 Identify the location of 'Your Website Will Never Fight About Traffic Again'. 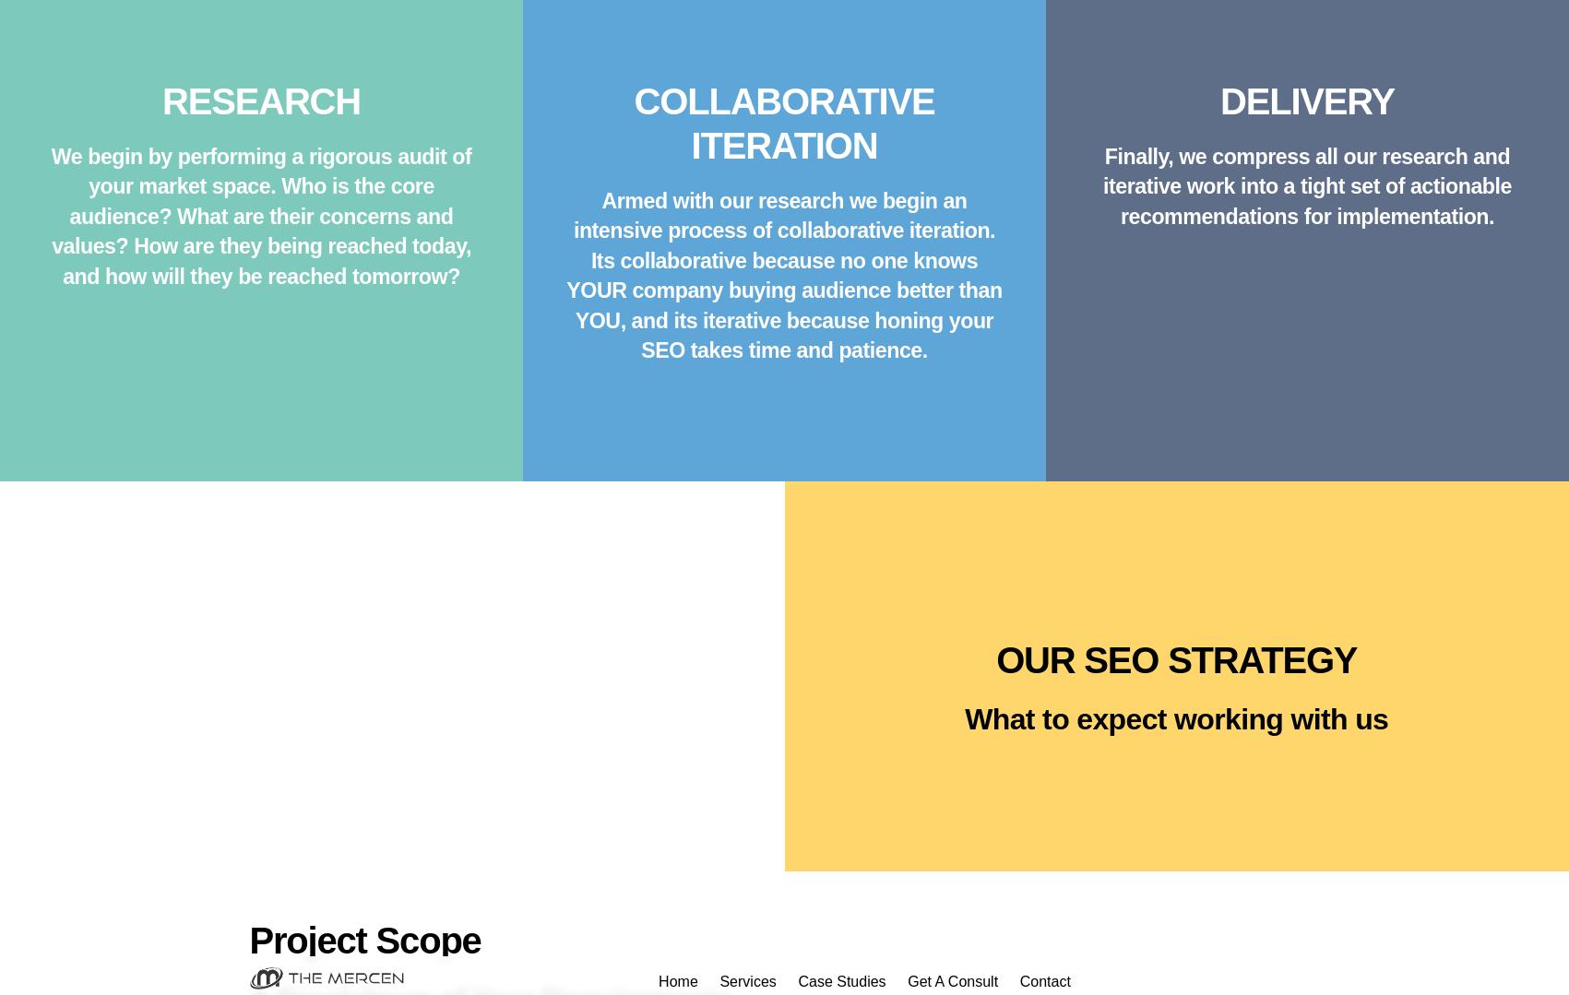
(783, 572).